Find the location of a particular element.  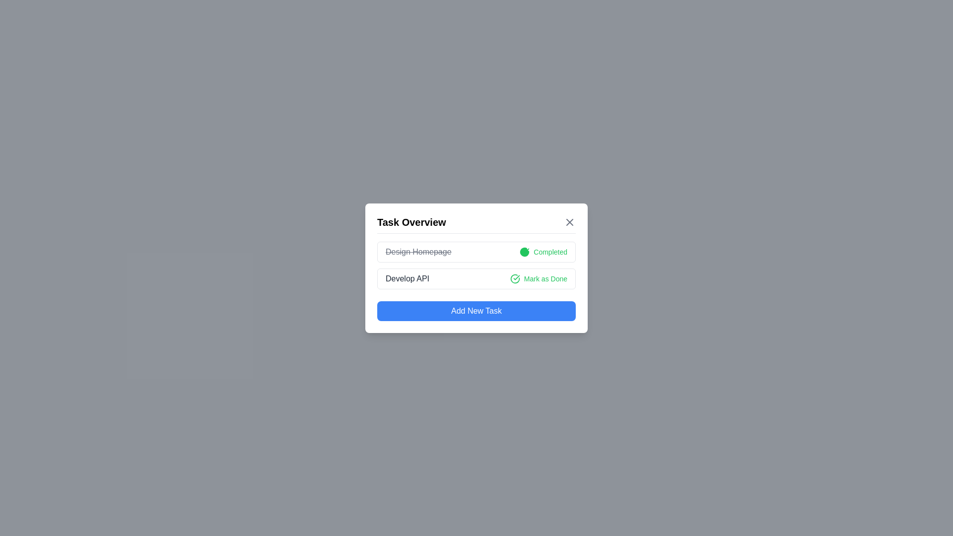

the Static Text Label indicating the status of the task item 'Design Homepage' that shows 'Completed' is located at coordinates (550, 251).